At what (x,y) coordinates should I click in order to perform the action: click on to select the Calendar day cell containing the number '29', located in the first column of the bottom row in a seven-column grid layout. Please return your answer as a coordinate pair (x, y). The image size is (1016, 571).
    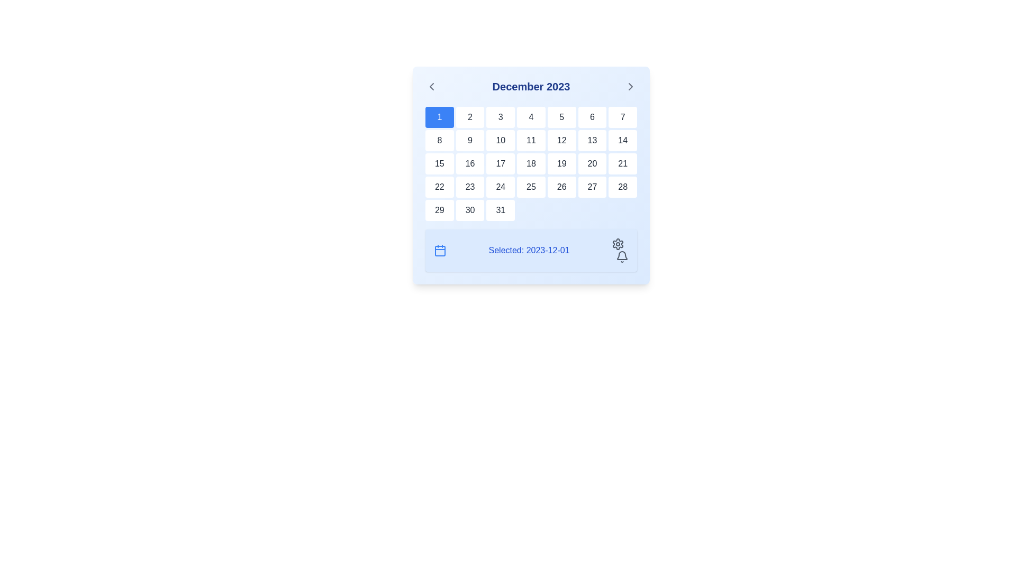
    Looking at the image, I should click on (439, 210).